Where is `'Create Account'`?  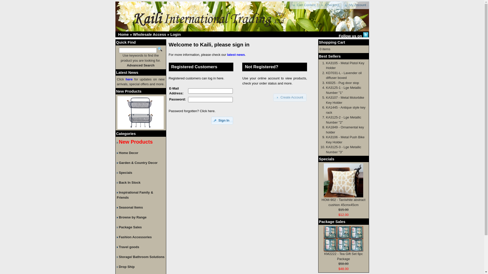 'Create Account' is located at coordinates (290, 97).